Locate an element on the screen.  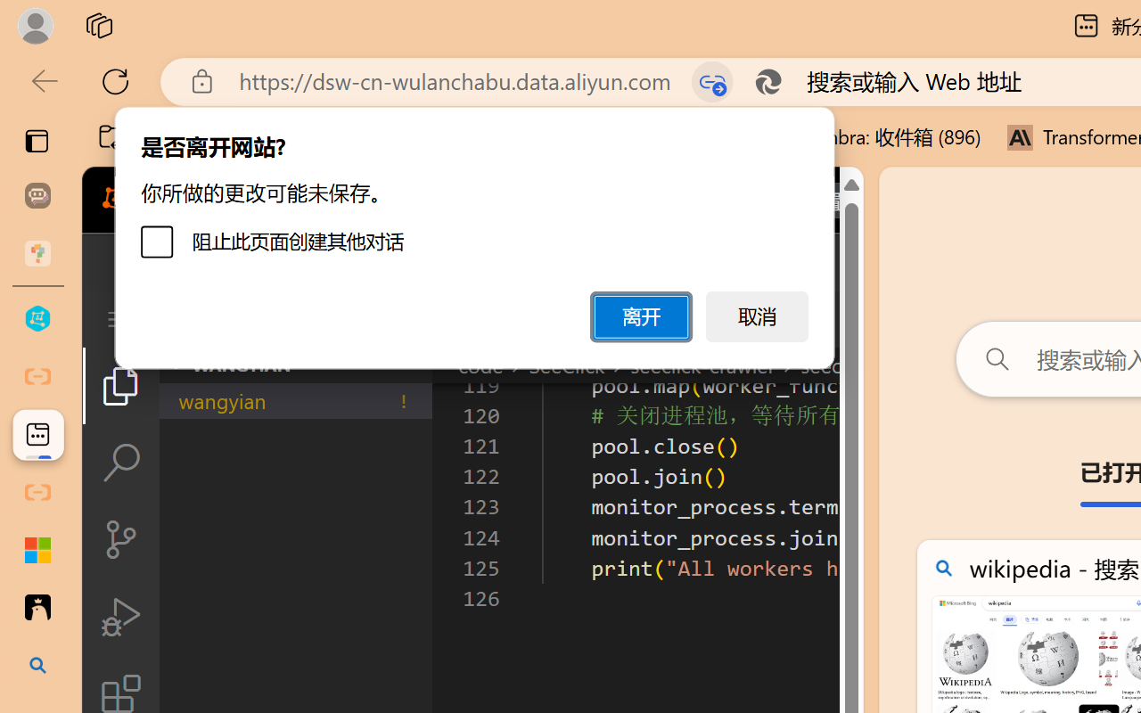
'Run and Debug (Ctrl+Shift+D)' is located at coordinates (119, 617).